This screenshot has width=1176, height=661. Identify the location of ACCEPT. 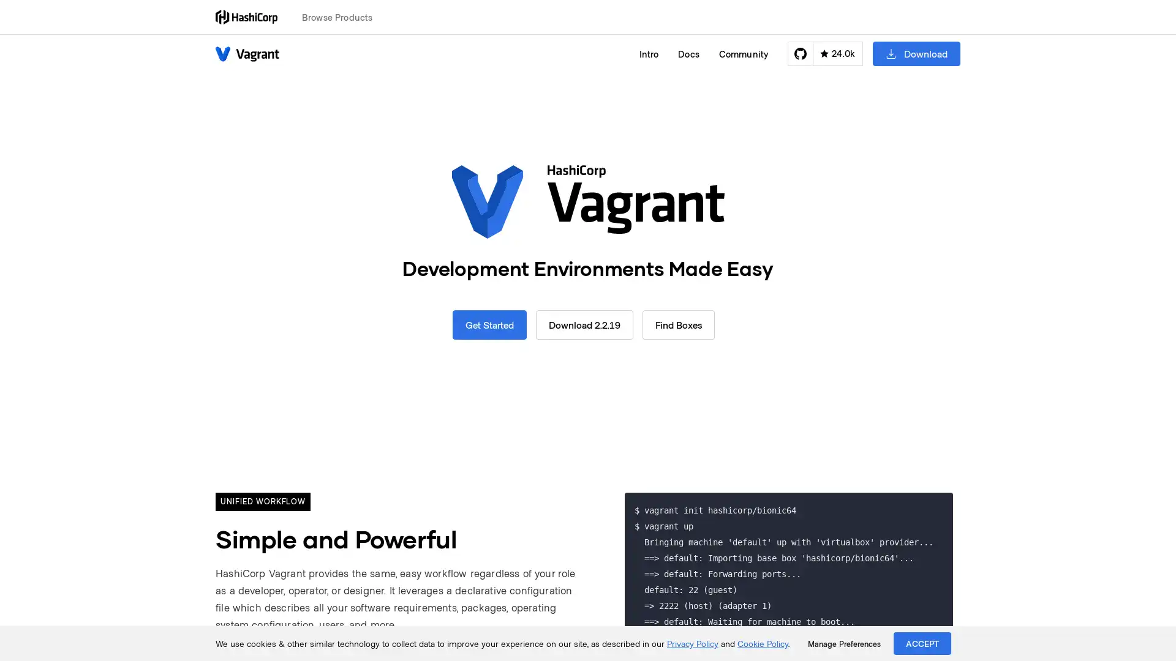
(922, 643).